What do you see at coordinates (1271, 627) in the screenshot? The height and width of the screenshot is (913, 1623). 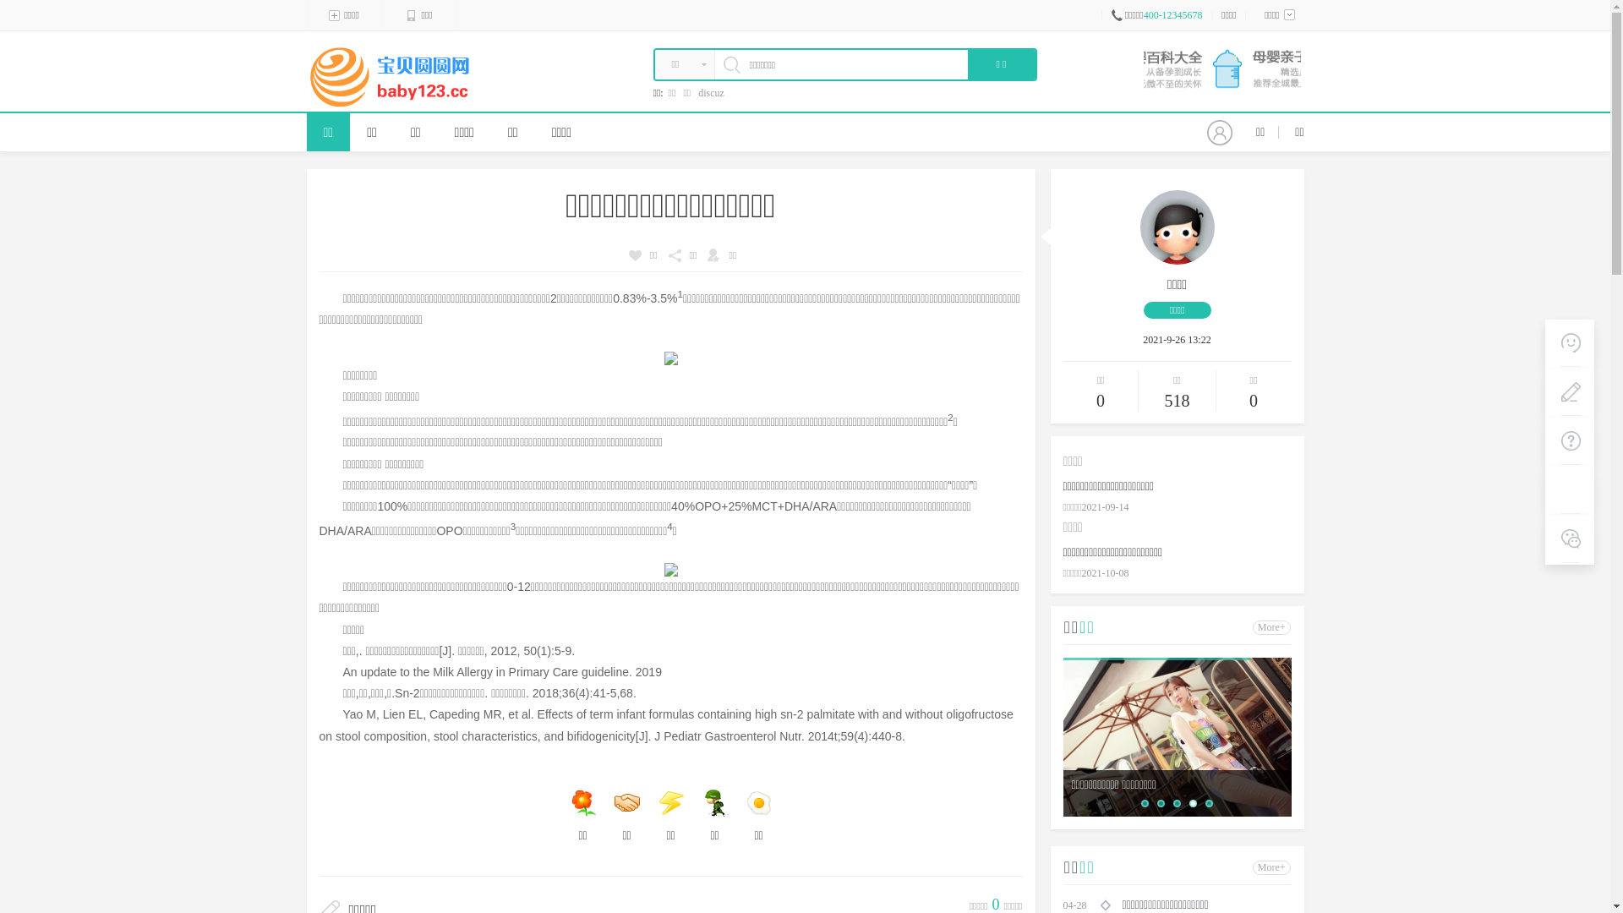 I see `'More+'` at bounding box center [1271, 627].